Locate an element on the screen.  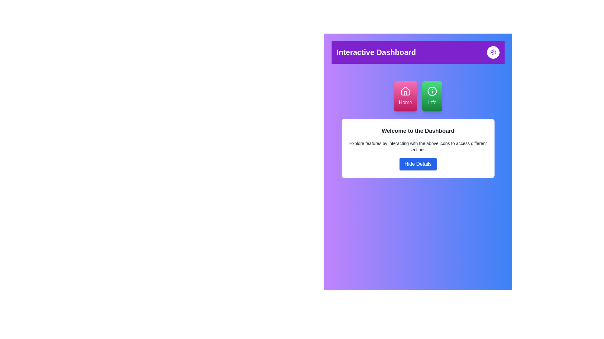
the simplistic line drawing of a house icon, which is part of the 'Home' button interface located beneath the 'Interactive Dashboard' title is located at coordinates (405, 91).